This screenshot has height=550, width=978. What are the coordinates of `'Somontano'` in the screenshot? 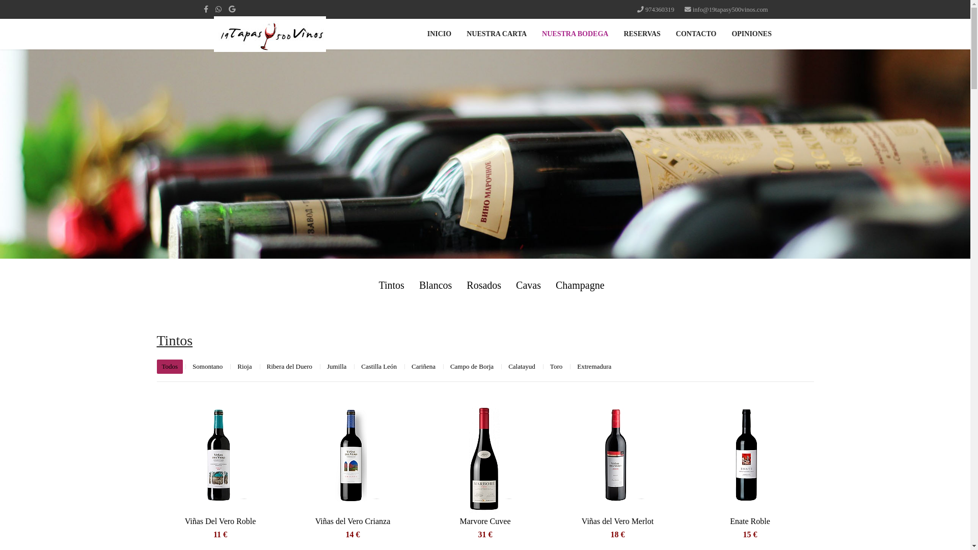 It's located at (187, 367).